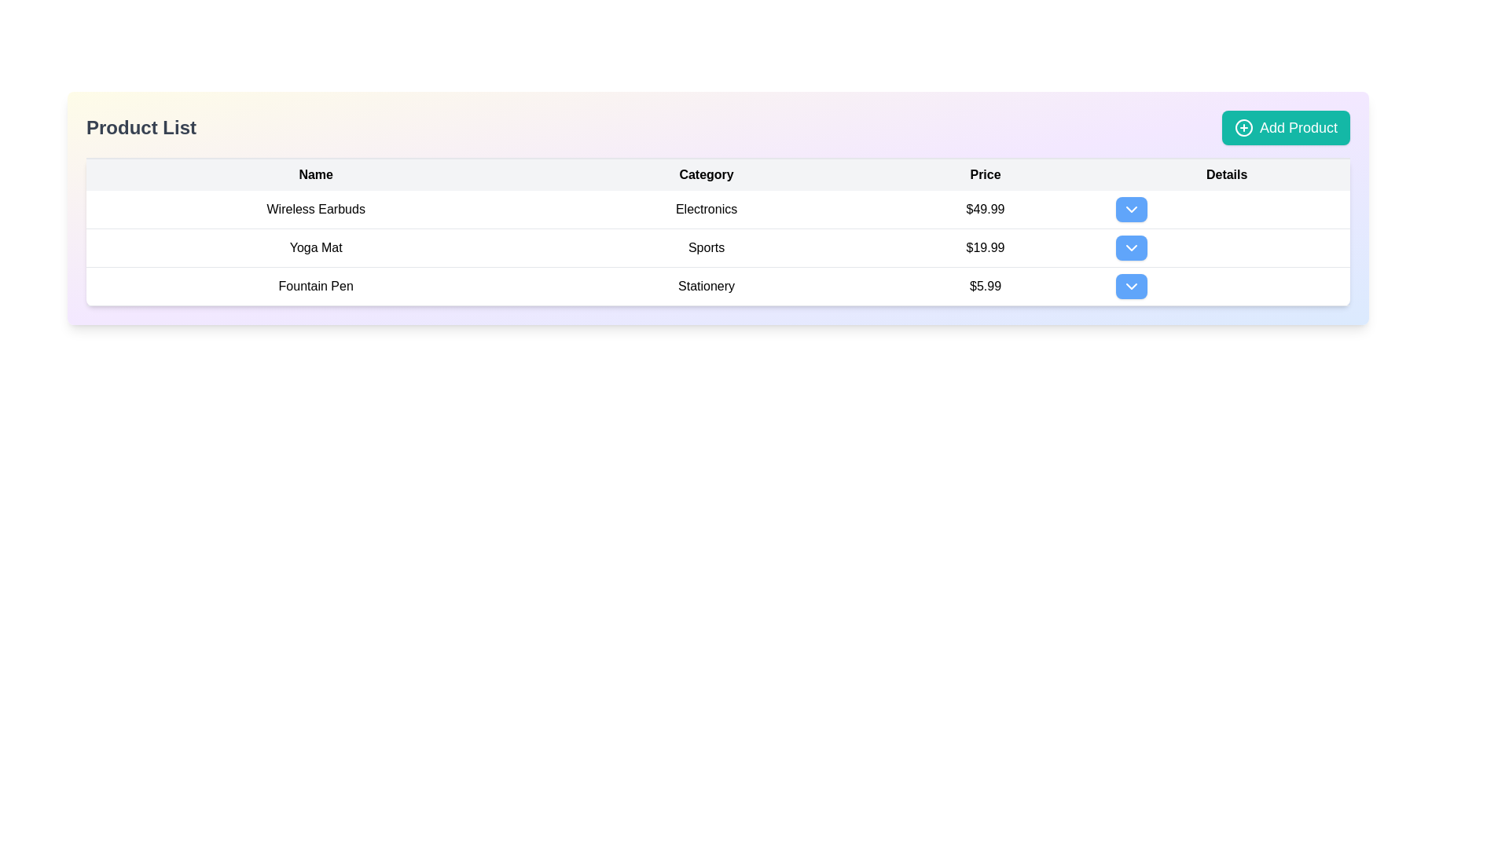 The height and width of the screenshot is (848, 1509). I want to click on the Table Header Cell indicating the data type 'Name', which is the first column of the table, located at the top-left region of the table section, so click(315, 174).